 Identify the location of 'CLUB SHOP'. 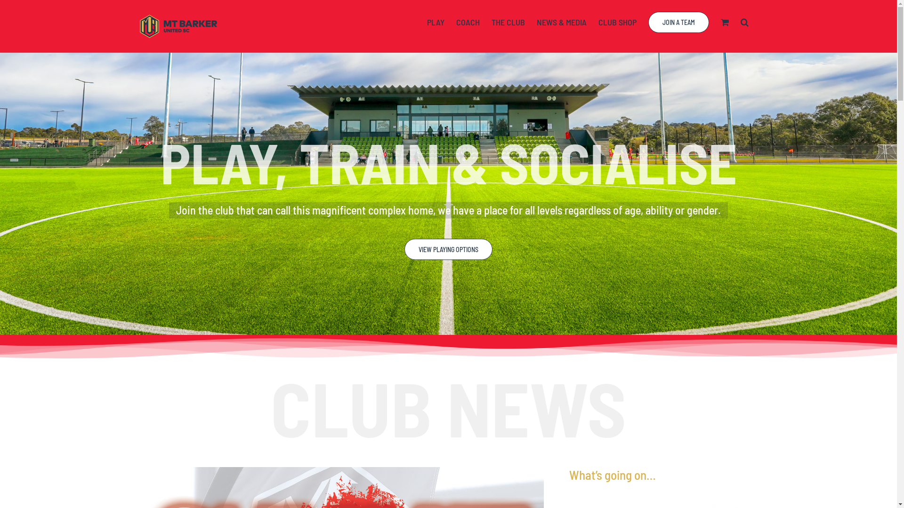
(617, 21).